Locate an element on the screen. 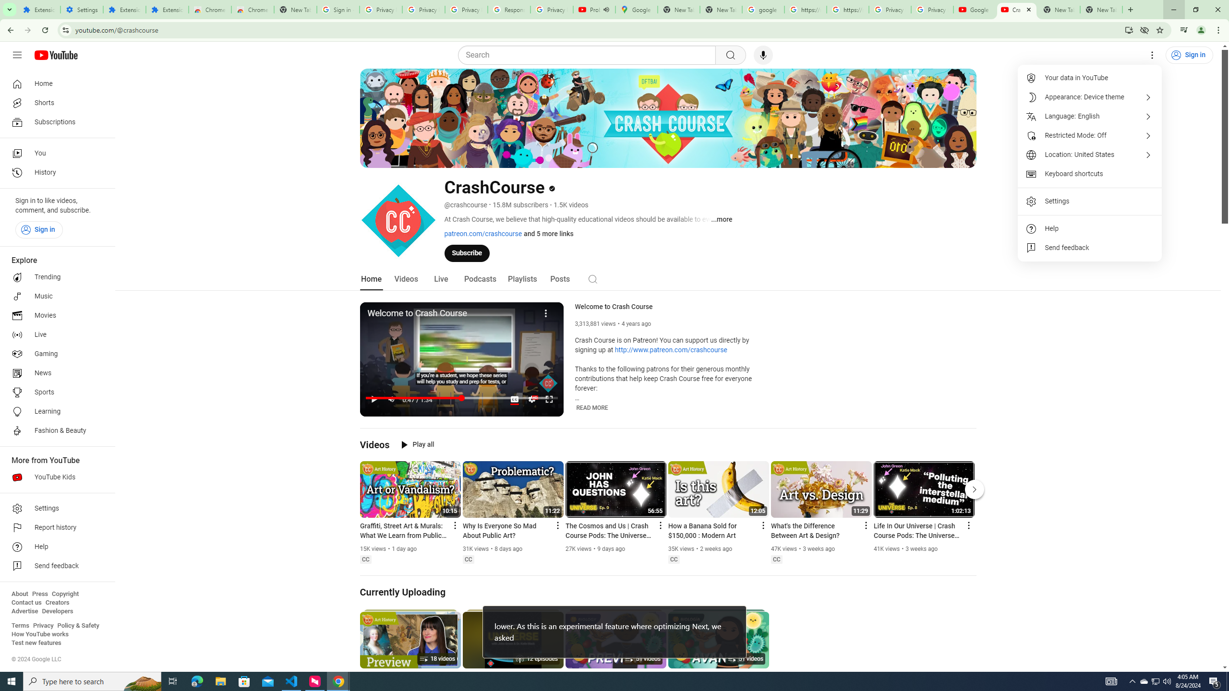 The width and height of the screenshot is (1229, 691). 'Playlists' is located at coordinates (522, 279).